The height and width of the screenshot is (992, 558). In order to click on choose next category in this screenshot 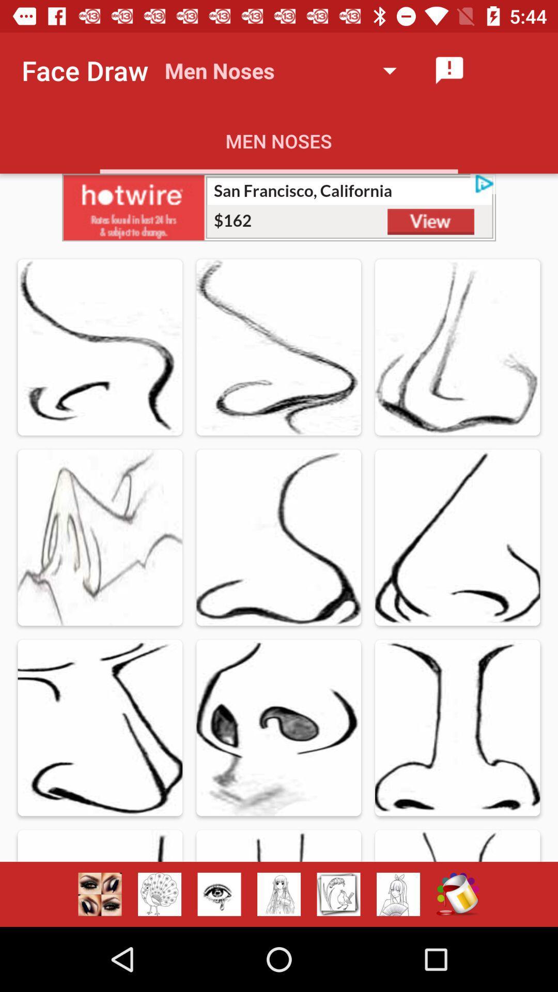, I will do `click(338, 894)`.